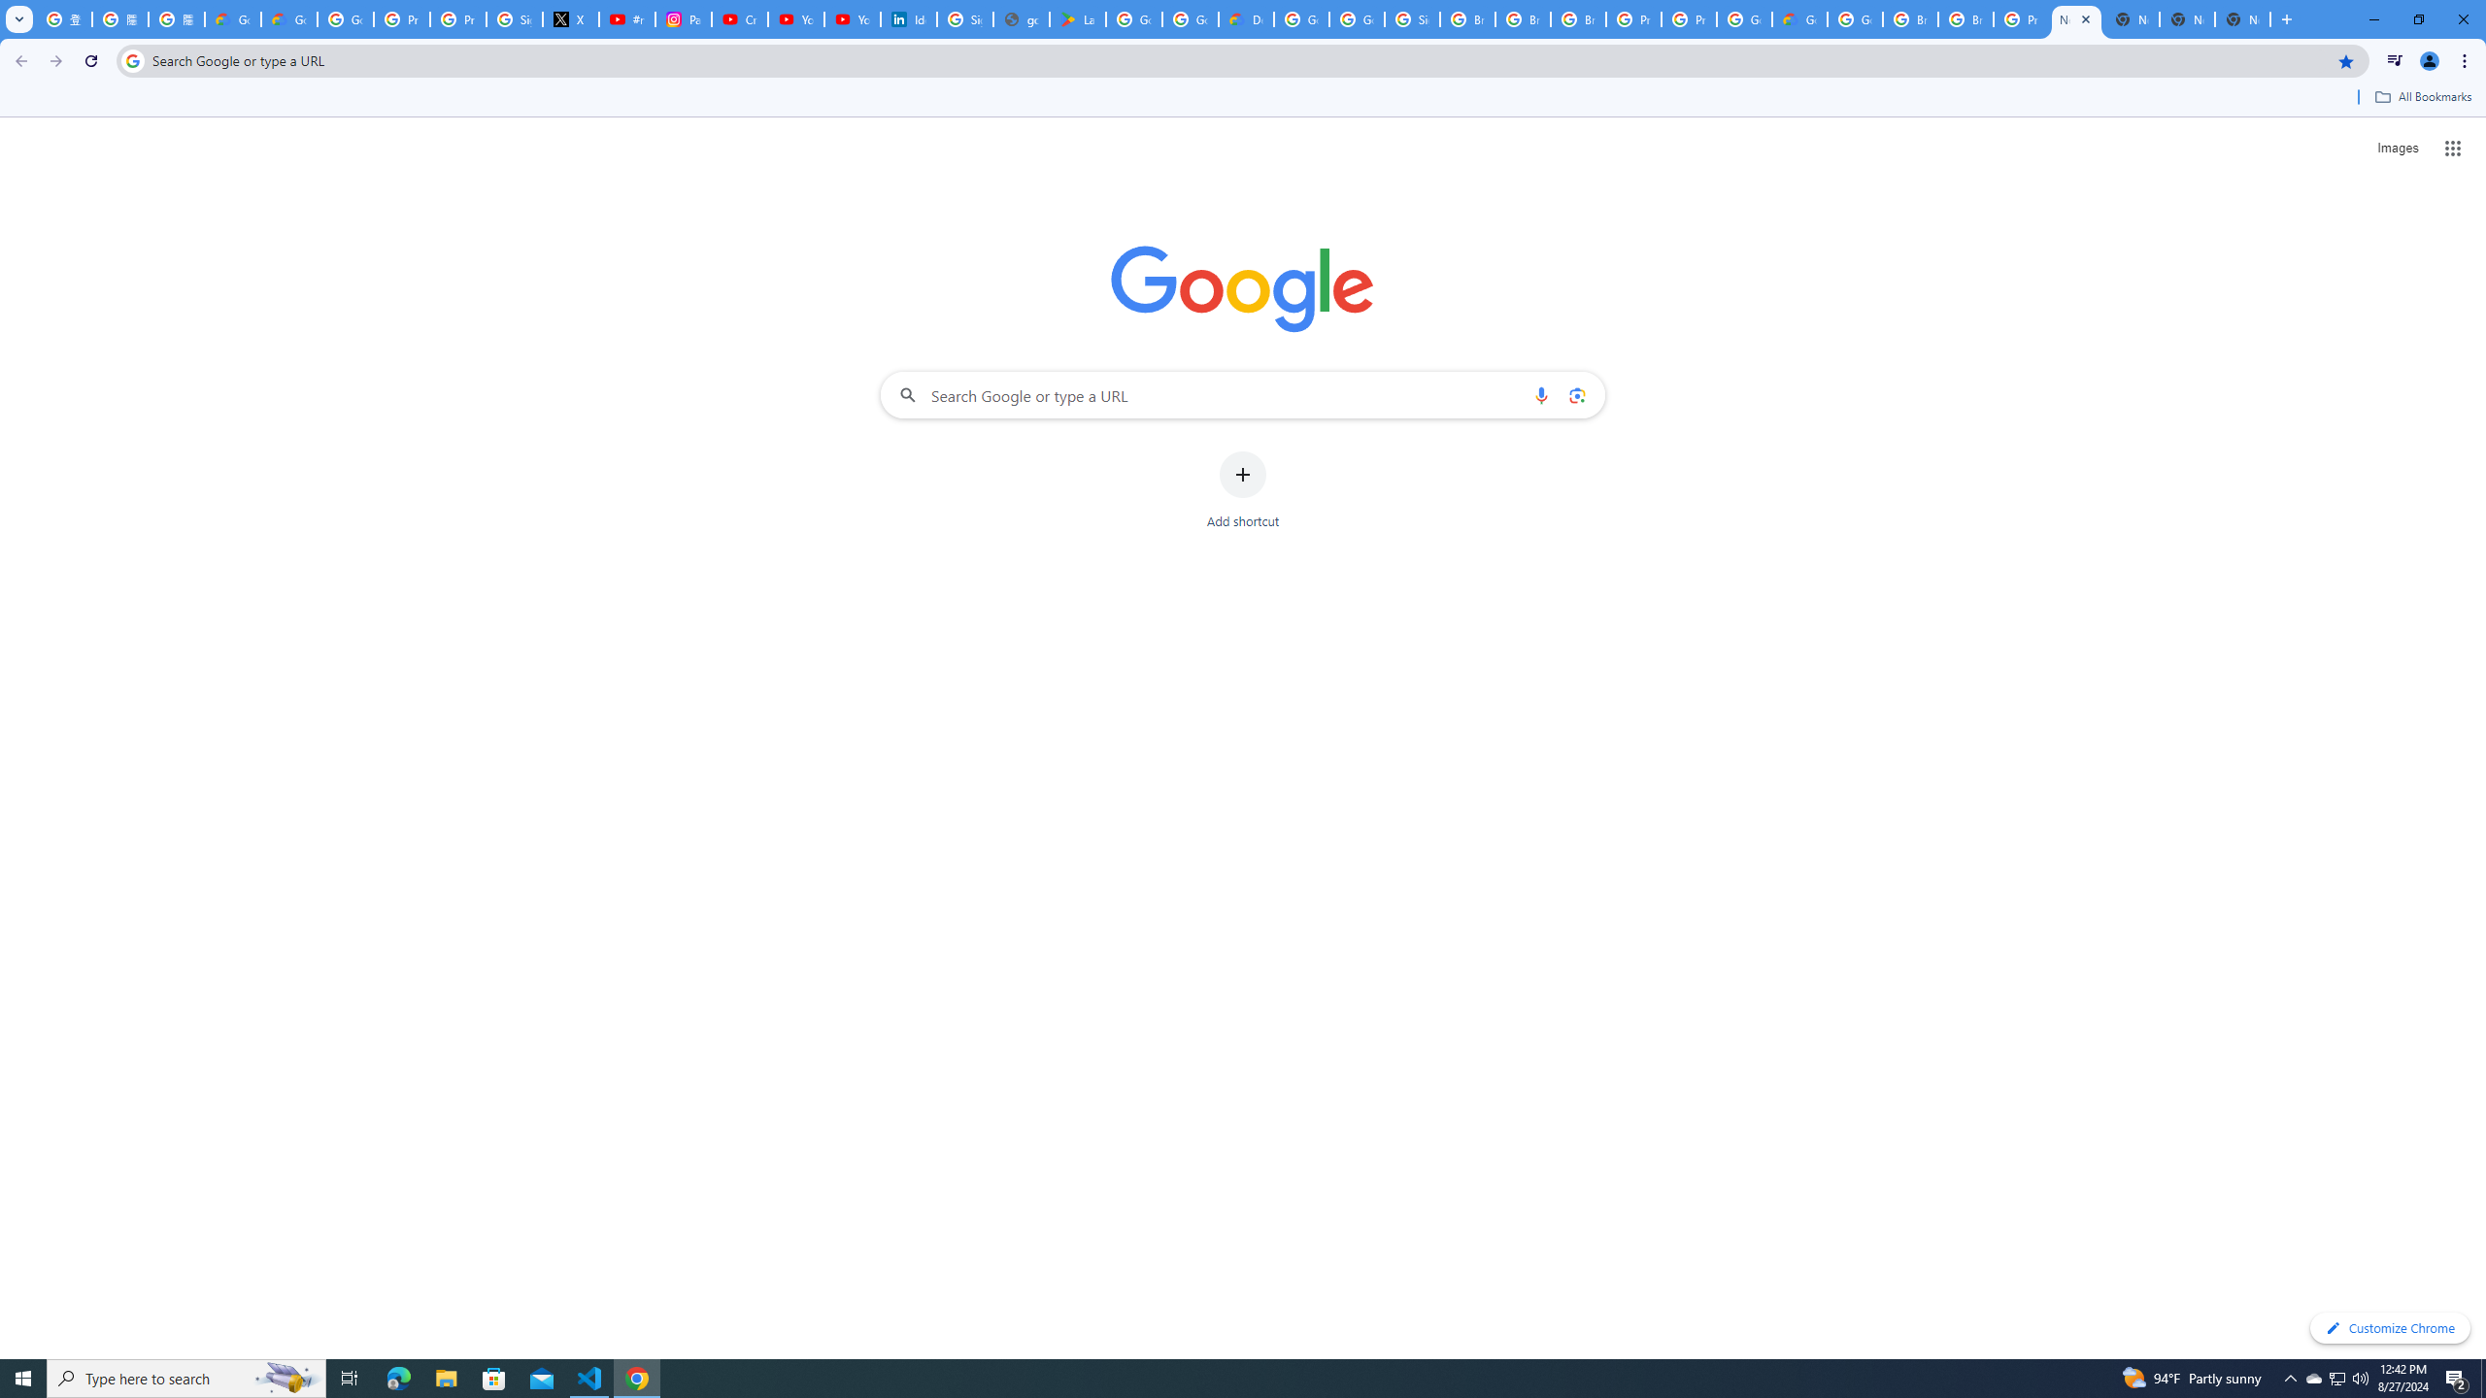 Image resolution: width=2486 pixels, height=1398 pixels. Describe the element at coordinates (1575, 393) in the screenshot. I see `'Search by image'` at that location.